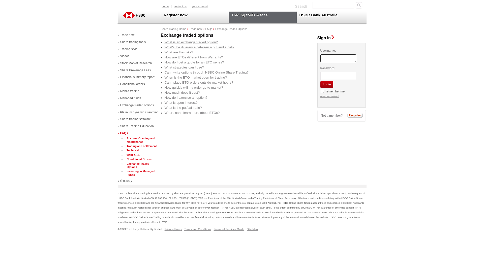  I want to click on 'Glossary', so click(125, 181).